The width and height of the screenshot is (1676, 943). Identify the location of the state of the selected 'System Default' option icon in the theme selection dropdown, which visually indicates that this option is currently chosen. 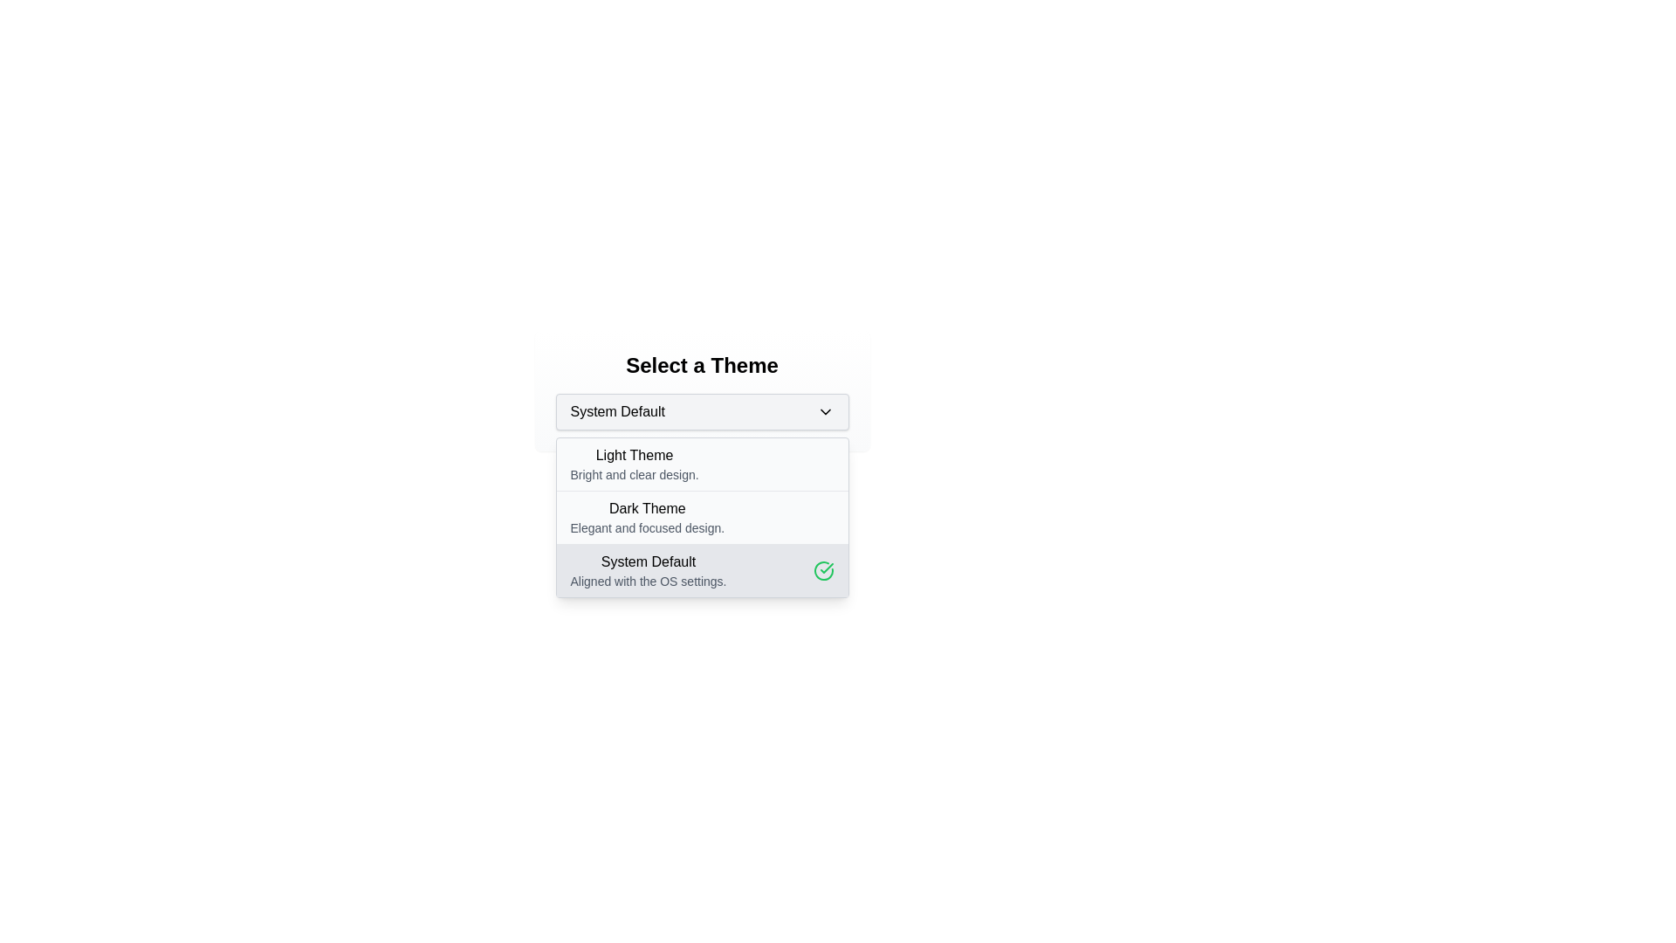
(822, 571).